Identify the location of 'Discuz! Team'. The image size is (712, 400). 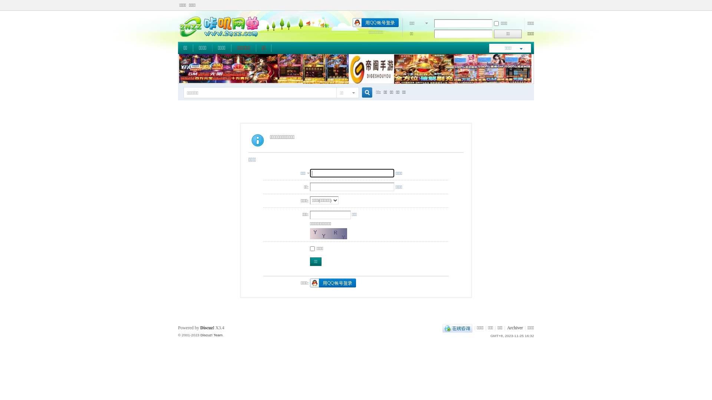
(200, 335).